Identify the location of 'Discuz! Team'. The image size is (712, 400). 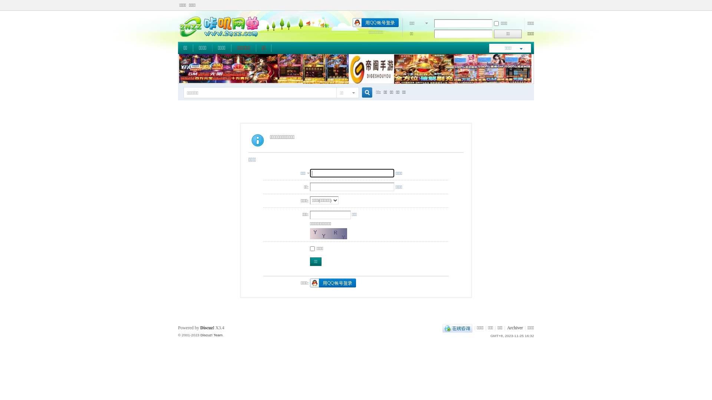
(200, 335).